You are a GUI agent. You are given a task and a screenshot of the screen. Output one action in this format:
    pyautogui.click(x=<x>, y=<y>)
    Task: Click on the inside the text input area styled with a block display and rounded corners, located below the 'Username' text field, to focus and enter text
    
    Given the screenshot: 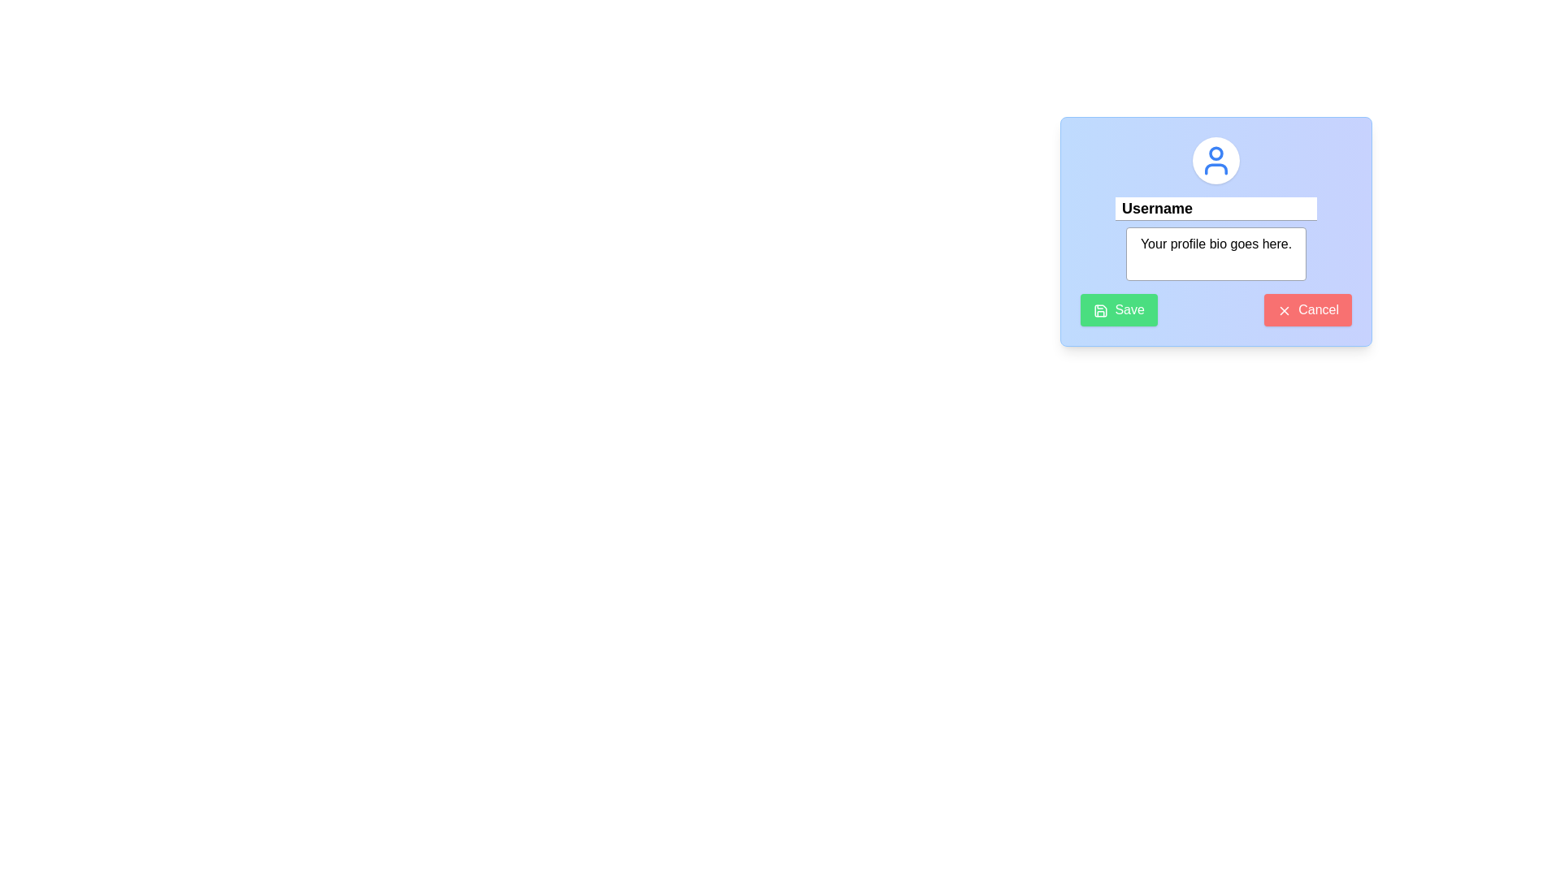 What is the action you would take?
    pyautogui.click(x=1216, y=253)
    